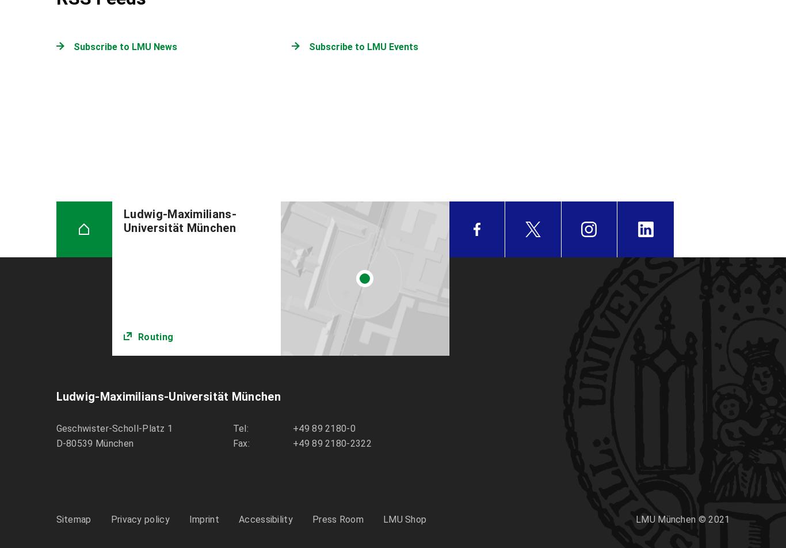 The width and height of the screenshot is (786, 548). Describe the element at coordinates (188, 519) in the screenshot. I see `'Imprint'` at that location.